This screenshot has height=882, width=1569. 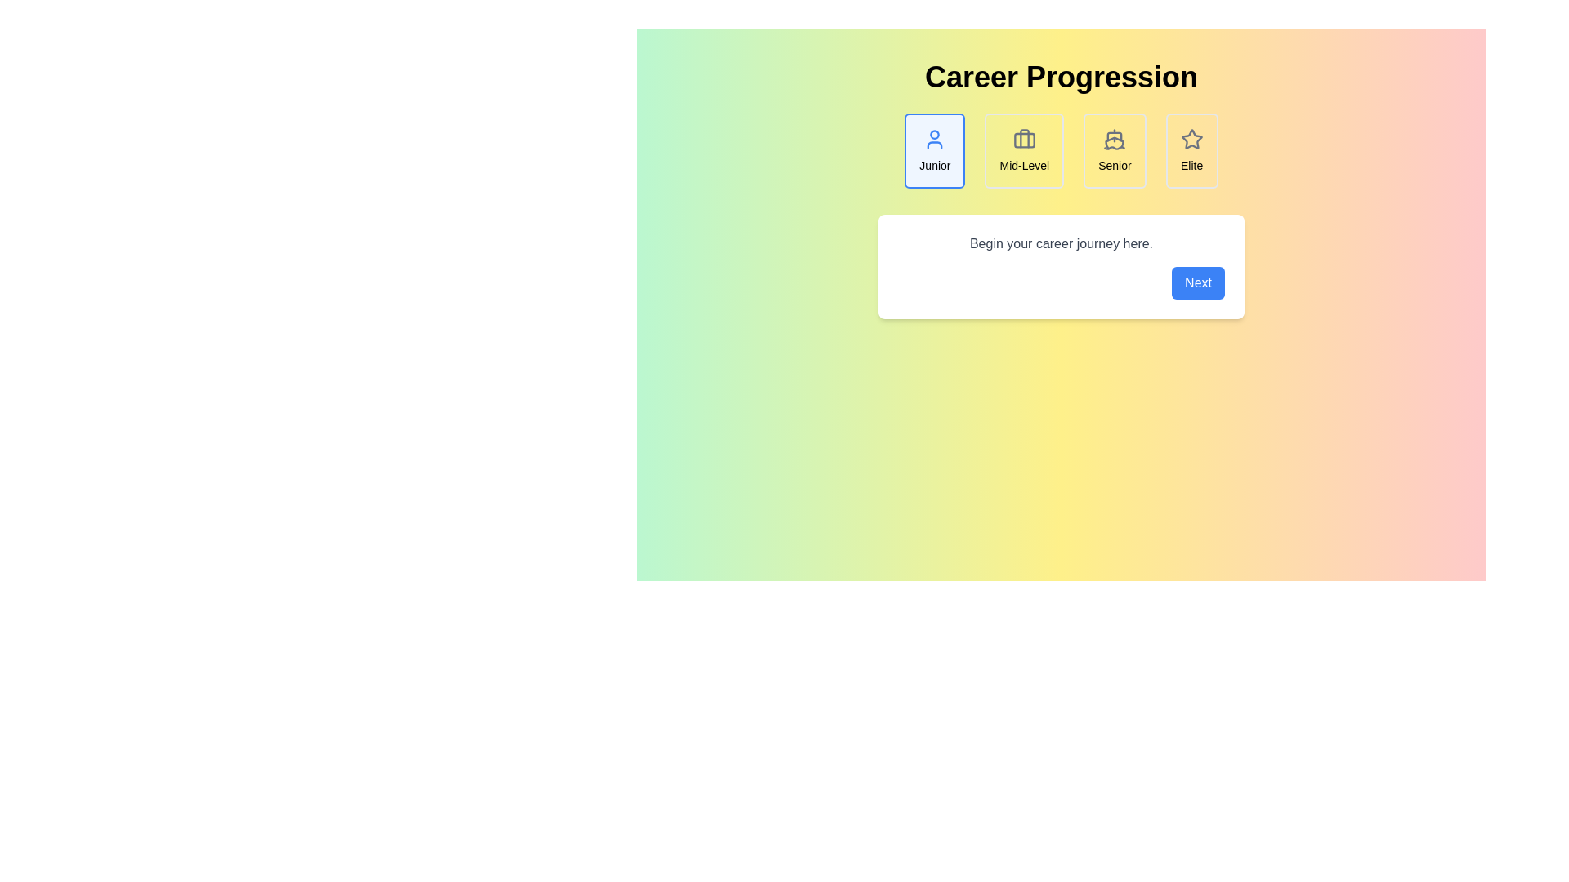 I want to click on the Junior career step to view its details, so click(x=934, y=151).